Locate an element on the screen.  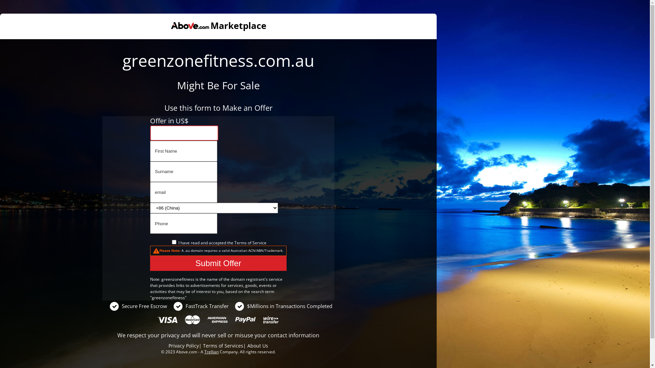
'Terms' is located at coordinates (240, 242).